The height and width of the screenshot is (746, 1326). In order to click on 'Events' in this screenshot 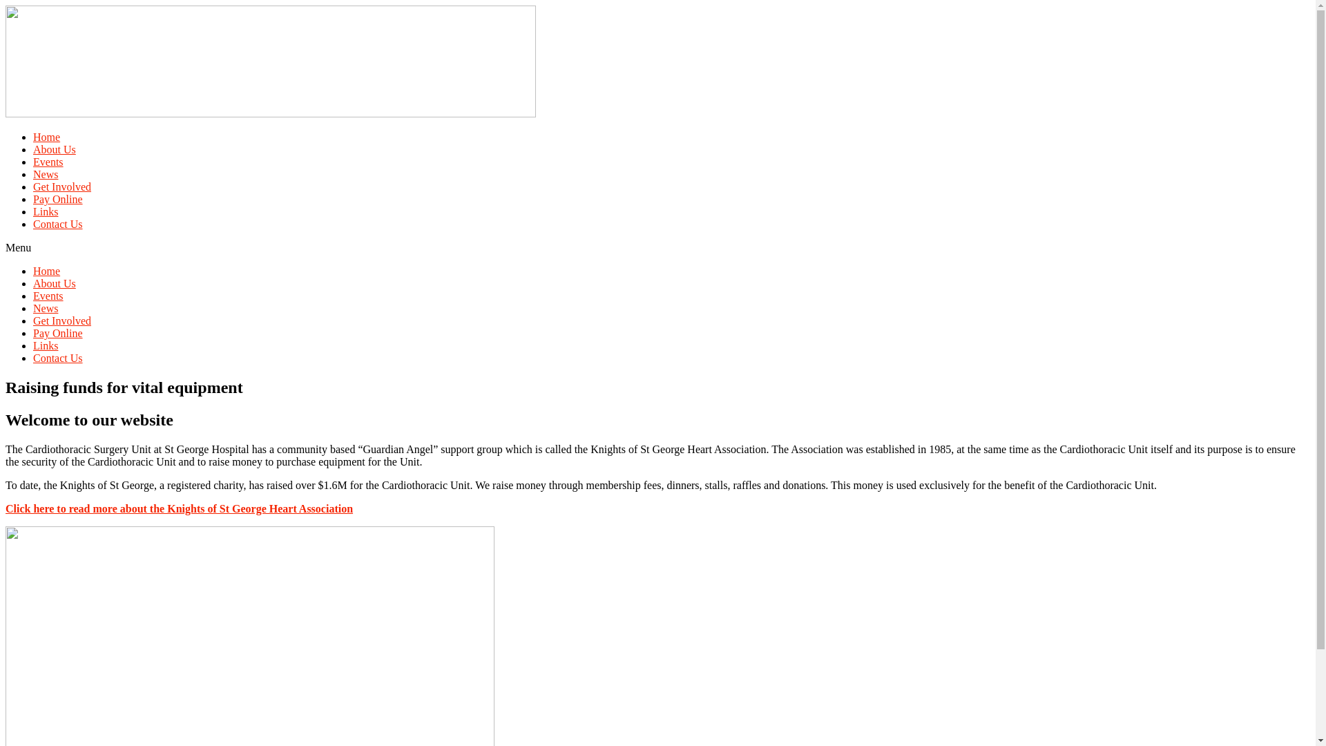, I will do `click(48, 295)`.